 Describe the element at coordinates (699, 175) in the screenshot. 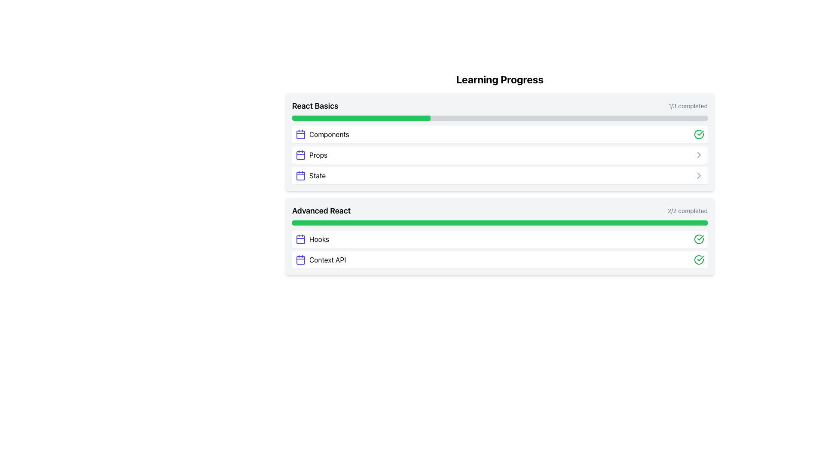

I see `the icon located to the right of the 'Props' text element in the second row under the 'React Basics' section to trigger a tooltip or highlighting effect` at that location.